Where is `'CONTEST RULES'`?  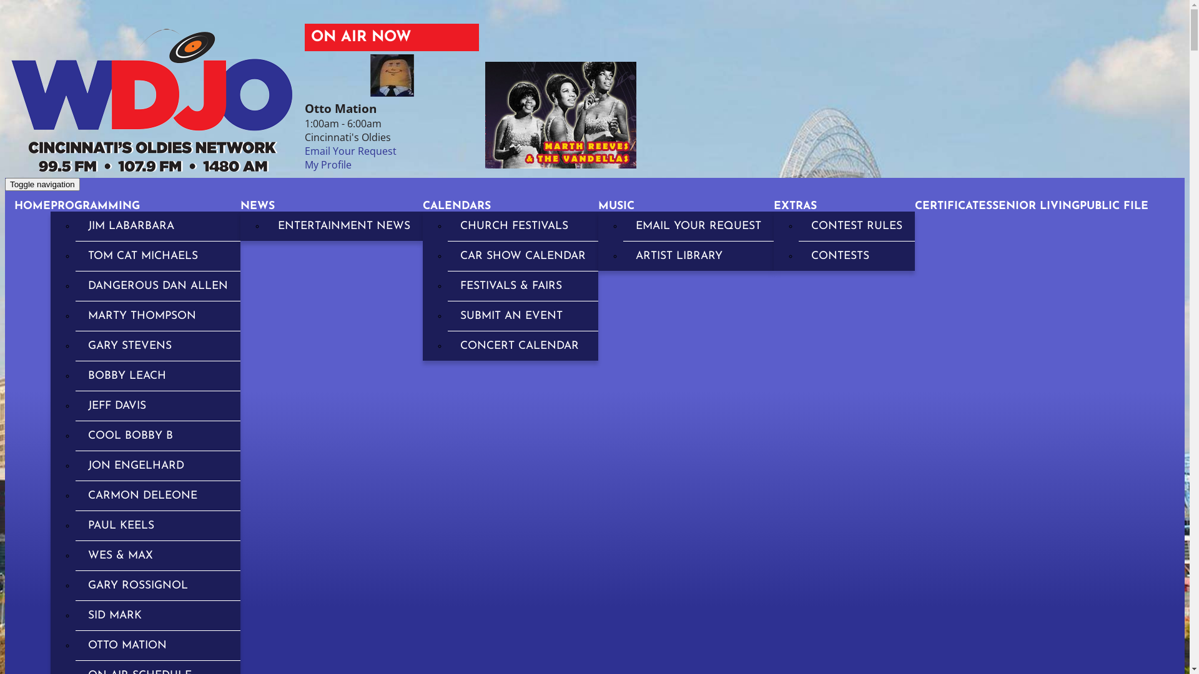
'CONTEST RULES' is located at coordinates (856, 226).